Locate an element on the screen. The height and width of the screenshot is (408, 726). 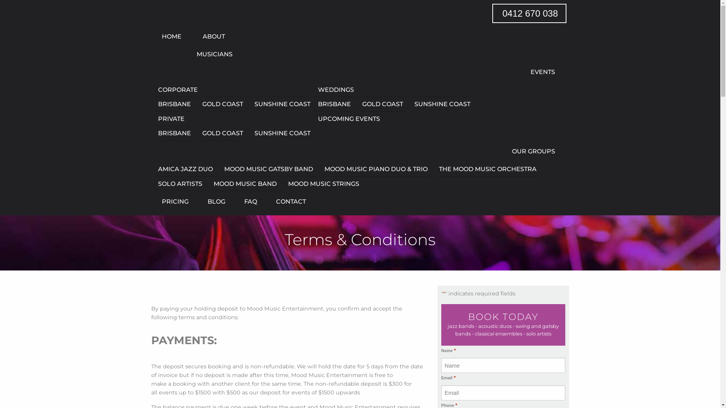
'MOOD MUSIC PIANO DUO & TRIO' is located at coordinates (376, 169).